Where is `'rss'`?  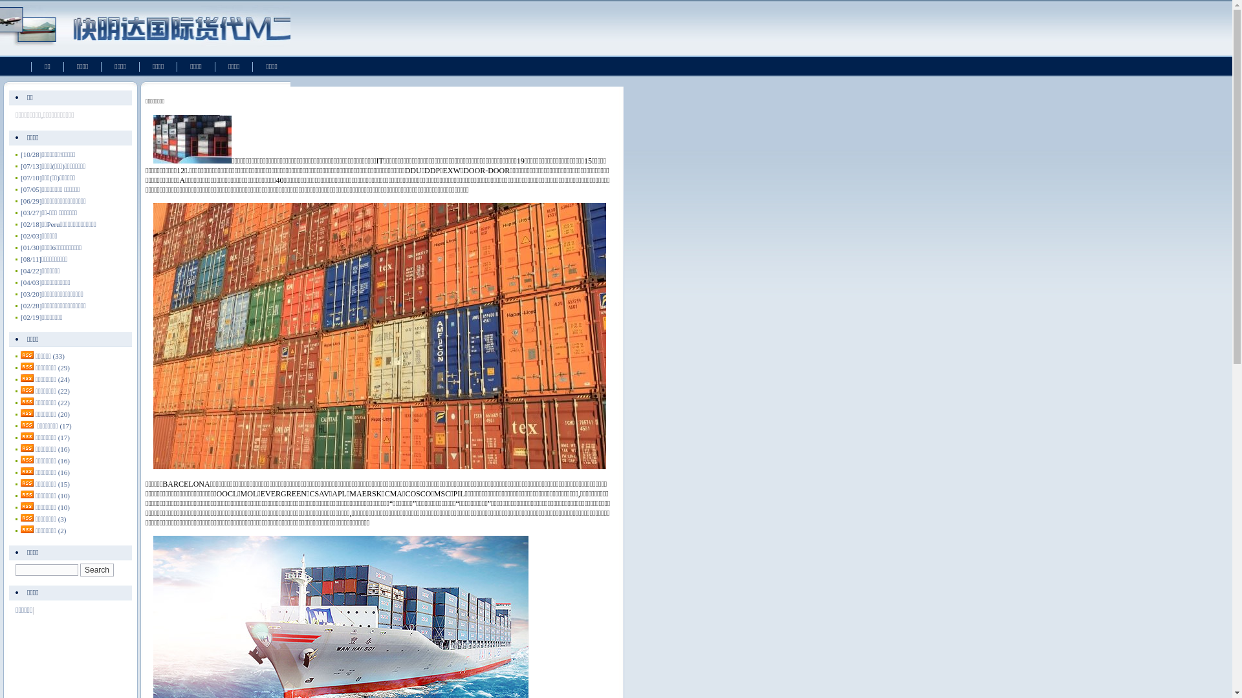 'rss' is located at coordinates (27, 354).